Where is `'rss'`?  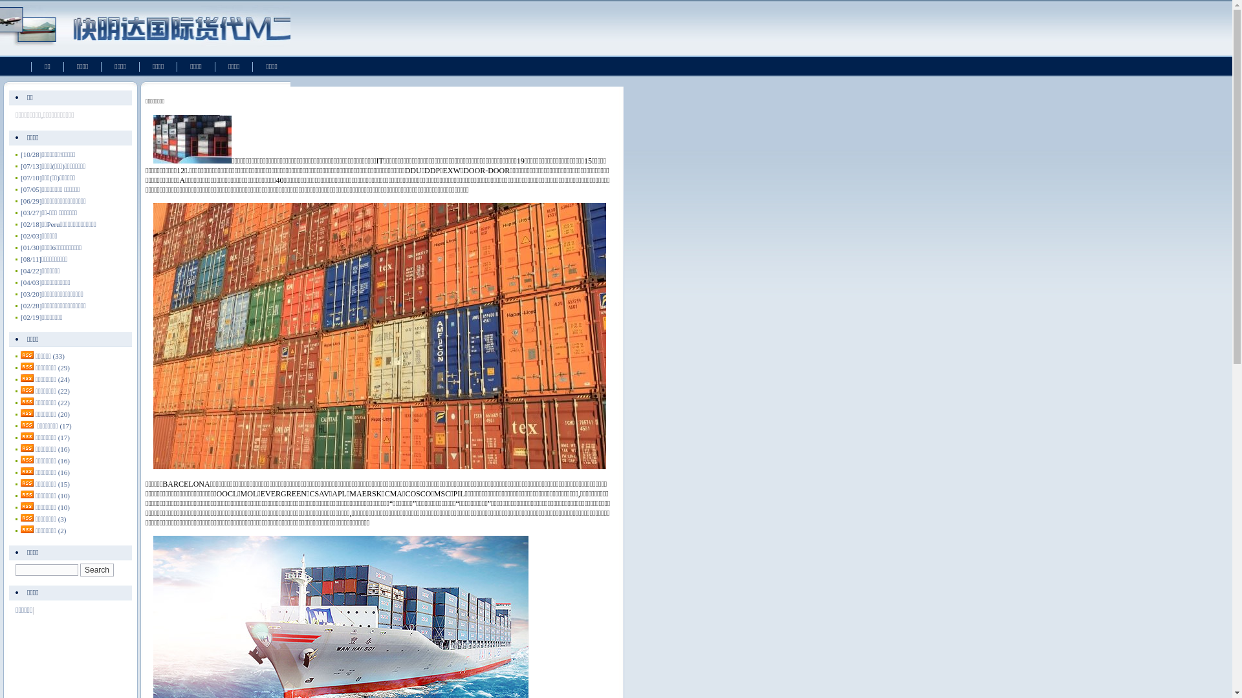 'rss' is located at coordinates (27, 354).